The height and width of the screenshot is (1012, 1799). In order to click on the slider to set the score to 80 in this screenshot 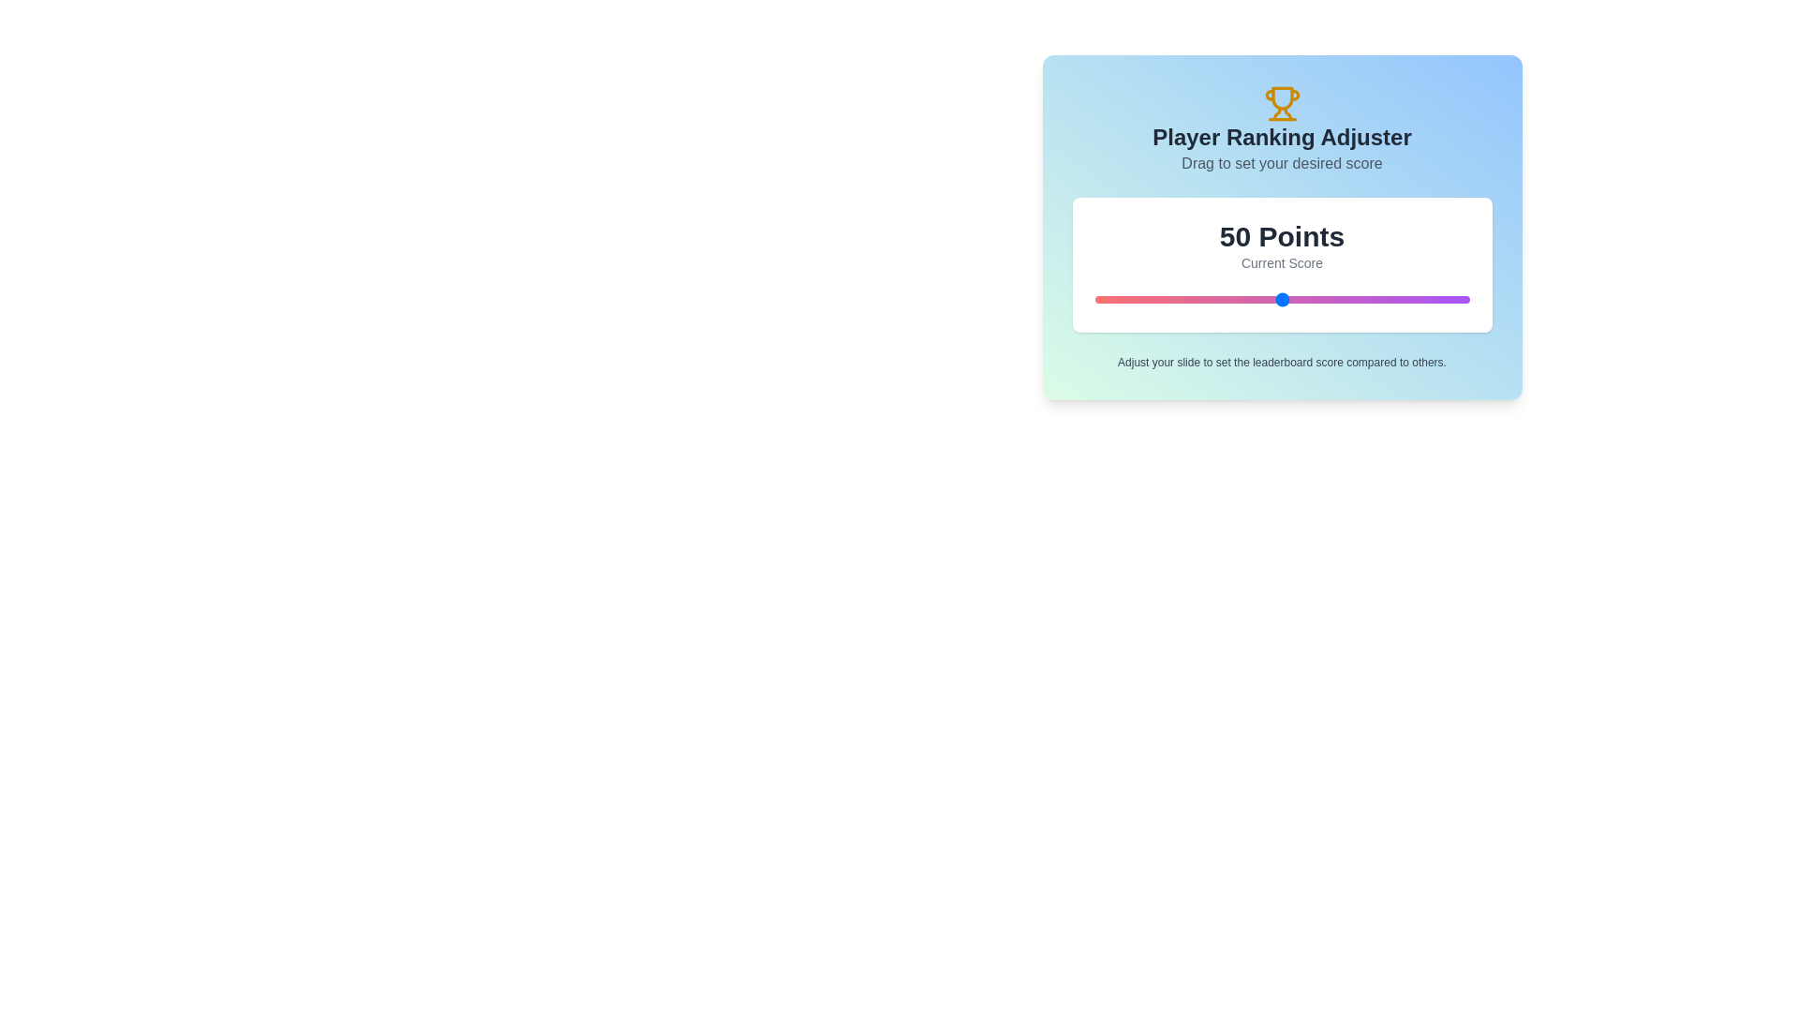, I will do `click(1394, 299)`.